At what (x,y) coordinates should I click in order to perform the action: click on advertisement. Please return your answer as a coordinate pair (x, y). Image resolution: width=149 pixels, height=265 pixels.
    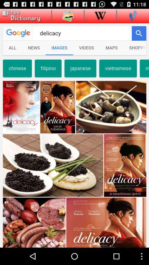
    Looking at the image, I should click on (20, 16).